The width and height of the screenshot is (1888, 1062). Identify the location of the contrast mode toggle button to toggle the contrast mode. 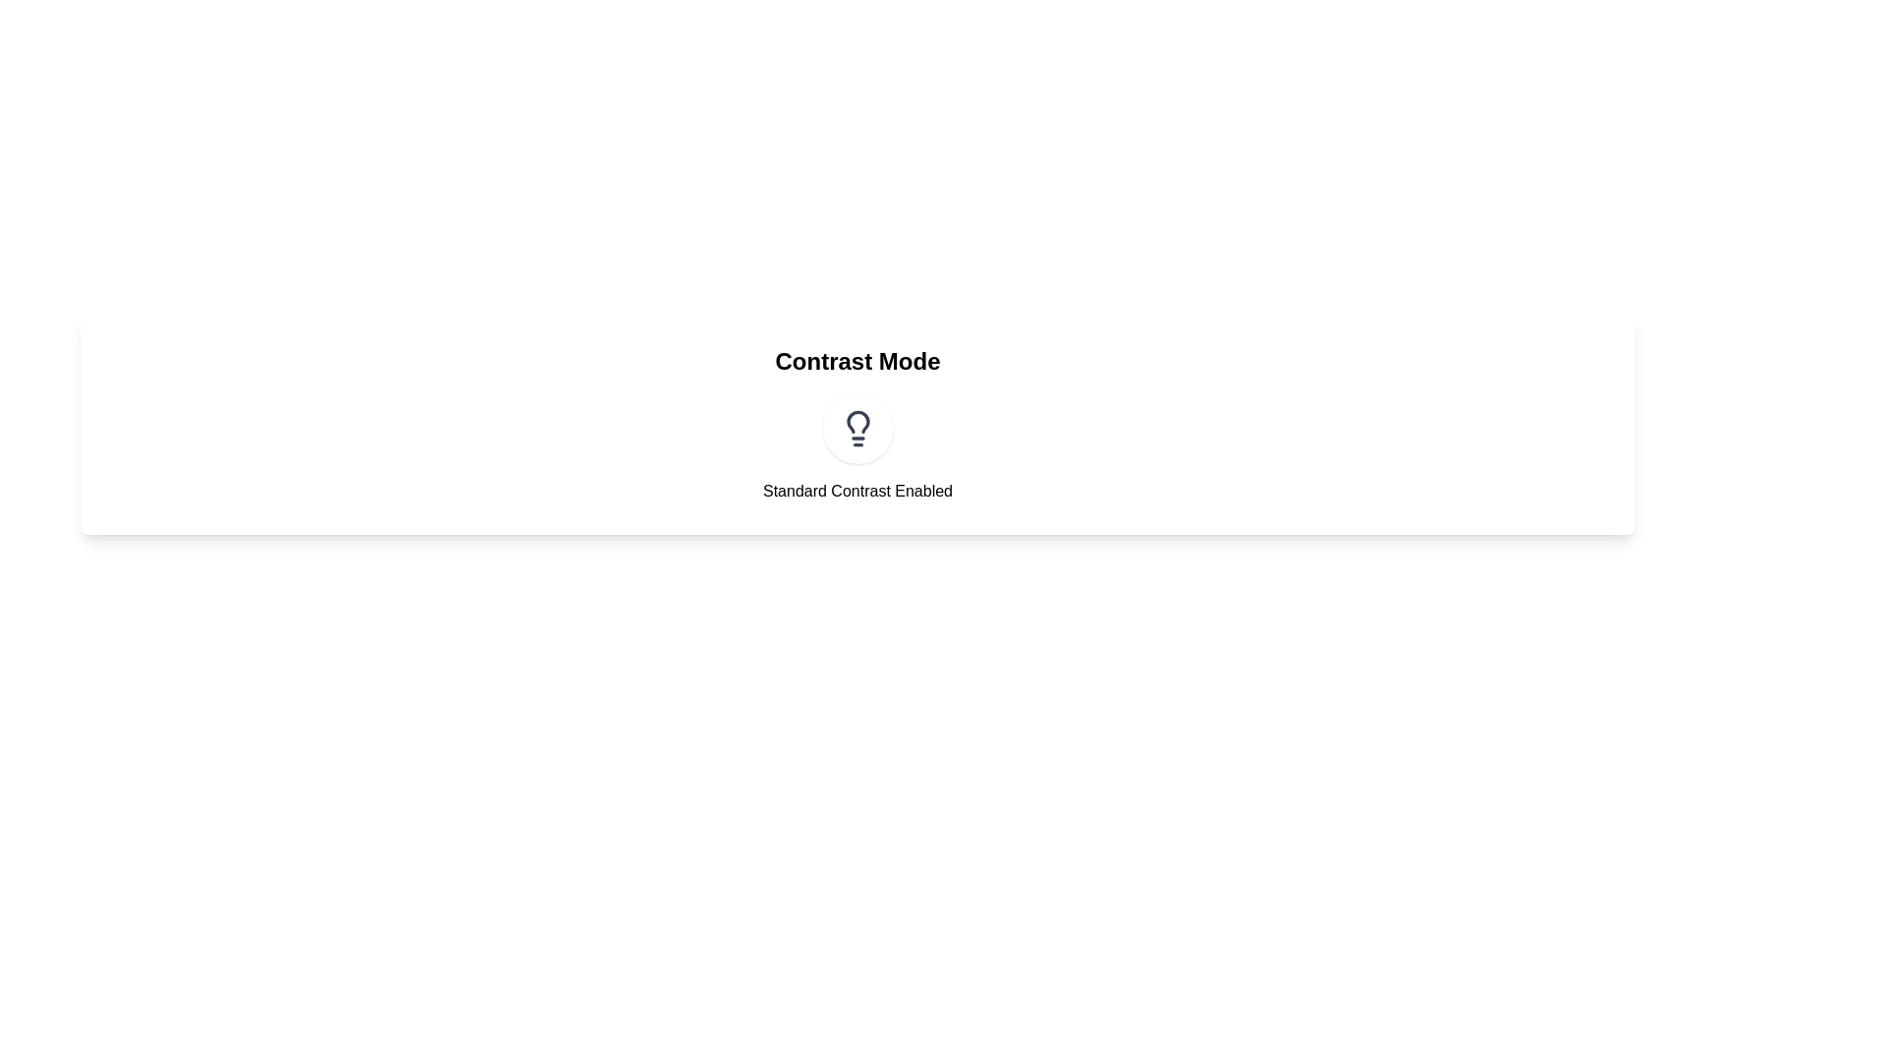
(857, 427).